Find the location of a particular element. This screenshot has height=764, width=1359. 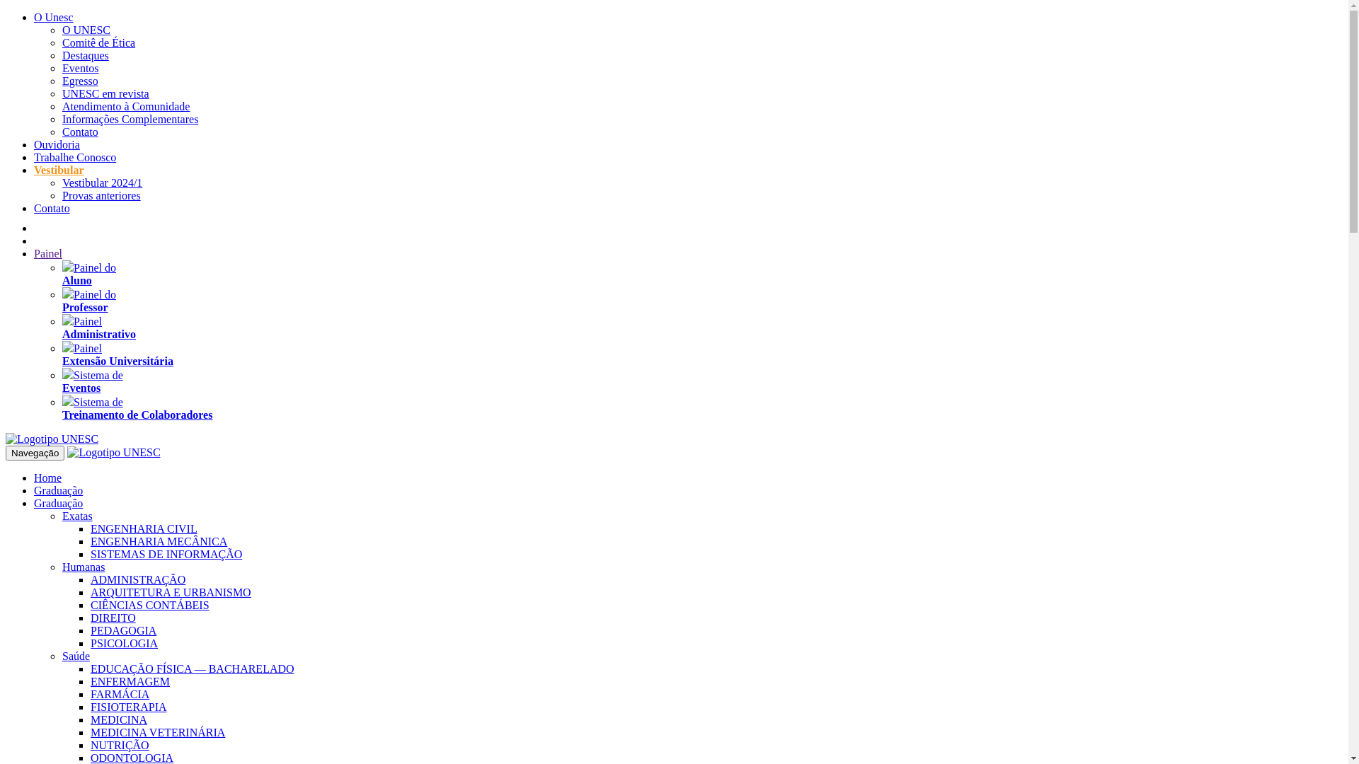

'PEDAGOGIA' is located at coordinates (90, 630).